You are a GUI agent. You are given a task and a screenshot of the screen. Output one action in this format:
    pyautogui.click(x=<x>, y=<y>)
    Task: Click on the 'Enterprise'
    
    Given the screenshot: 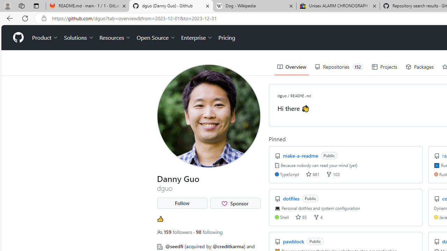 What is the action you would take?
    pyautogui.click(x=196, y=38)
    